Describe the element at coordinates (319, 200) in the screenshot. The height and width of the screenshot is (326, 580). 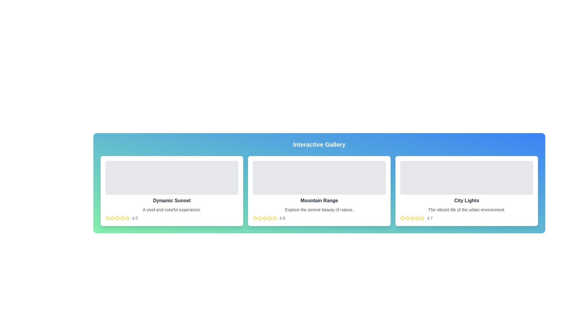
I see `text from the title label located in the central card beneath the gray rectangle placeholder and above the lighter gray descriptive text` at that location.